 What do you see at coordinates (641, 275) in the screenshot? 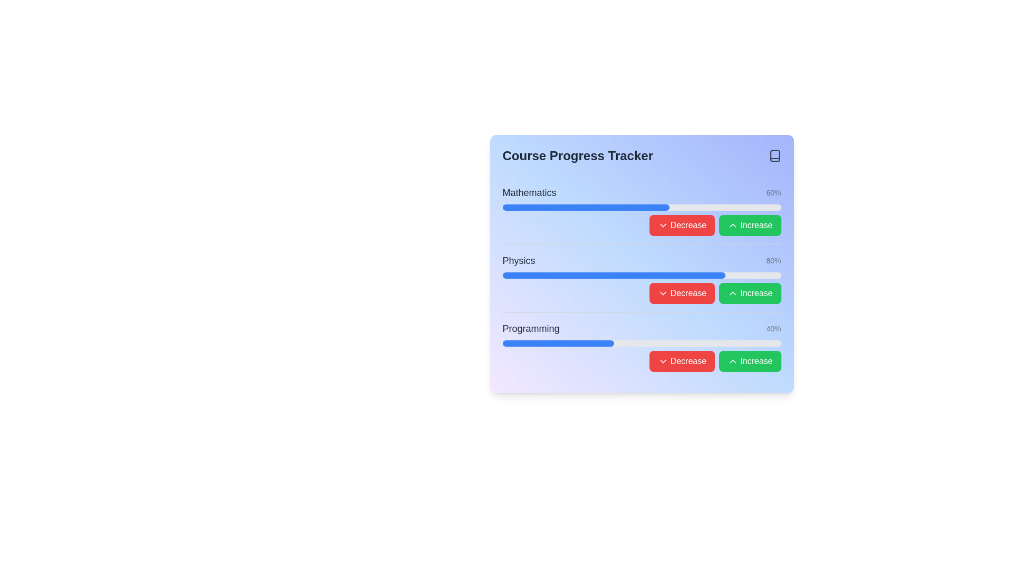
I see `the horizontal progress bar indicating 80% completion in the 'Physics' section of the course progress card` at bounding box center [641, 275].